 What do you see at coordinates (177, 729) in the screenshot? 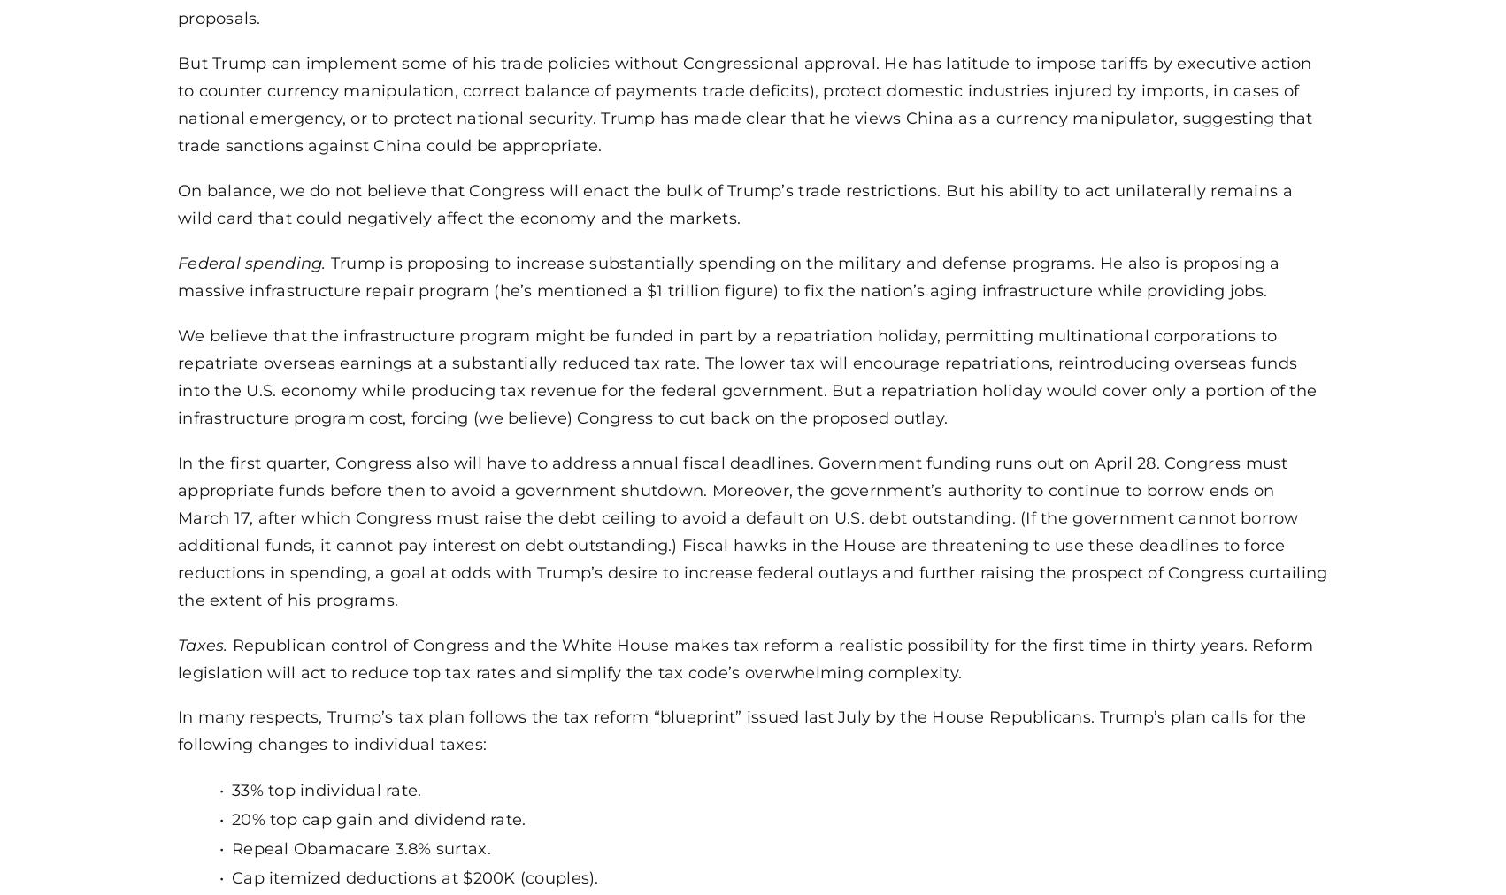
I see `'In many respects, Trump’s tax plan follows the tax reform “blueprint” issued last July by the House Republicans. Trump’s plan calls for the following changes to individual taxes:'` at bounding box center [177, 729].